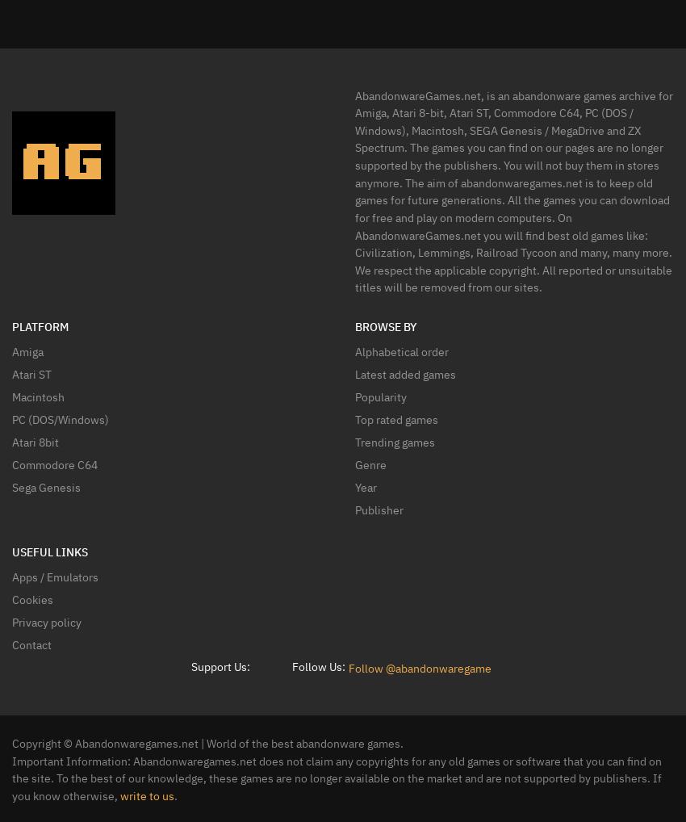 Image resolution: width=686 pixels, height=822 pixels. What do you see at coordinates (318, 665) in the screenshot?
I see `'Follow Us:'` at bounding box center [318, 665].